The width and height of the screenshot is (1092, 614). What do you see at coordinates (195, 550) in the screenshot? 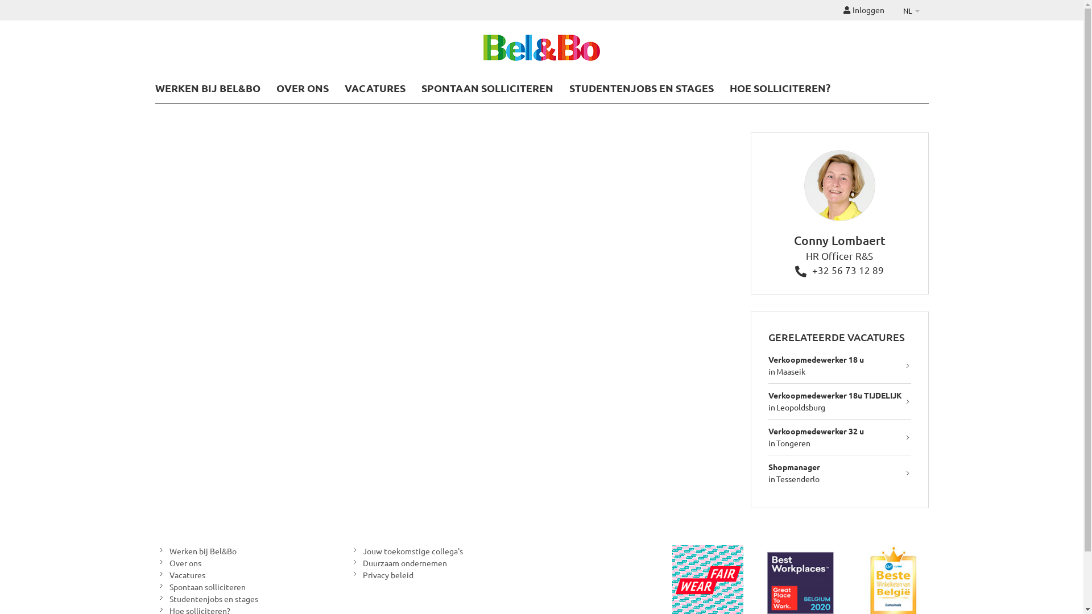
I see `'Werken bij Bel&Bo'` at bounding box center [195, 550].